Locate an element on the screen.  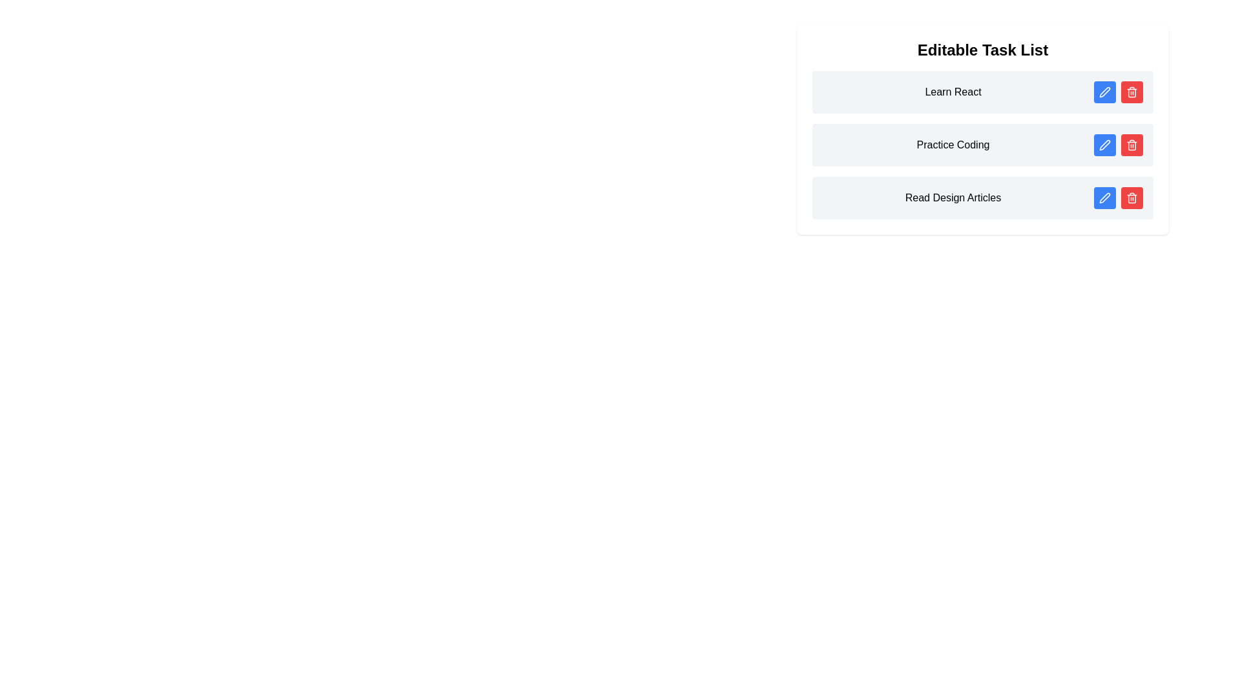
the delete button located on the right side of the task item in the top row of the list, adjacent to the blue button with a pen icon is located at coordinates (1131, 91).